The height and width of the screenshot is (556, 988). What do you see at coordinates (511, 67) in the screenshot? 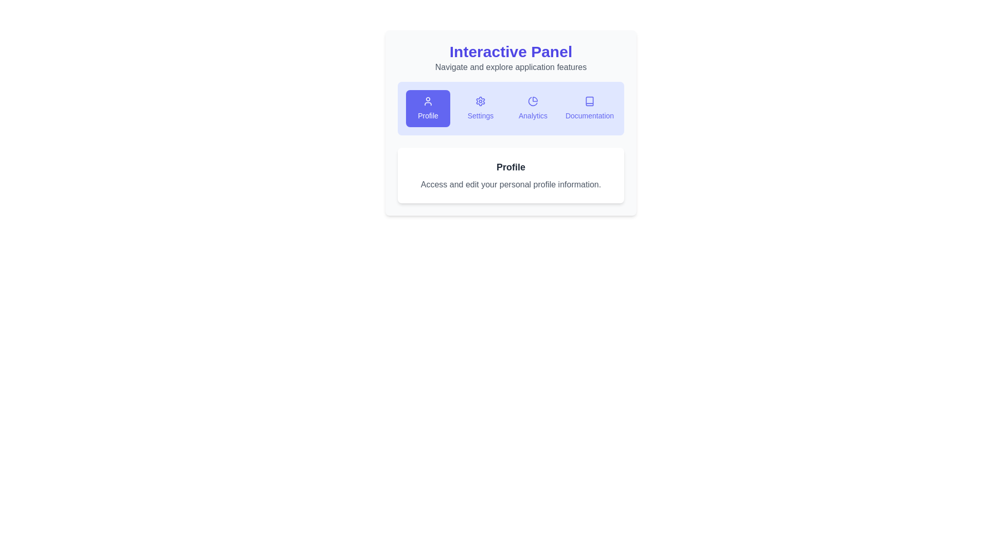
I see `text label providing guidance in the interactive panel, located at the top-center of the interface` at bounding box center [511, 67].